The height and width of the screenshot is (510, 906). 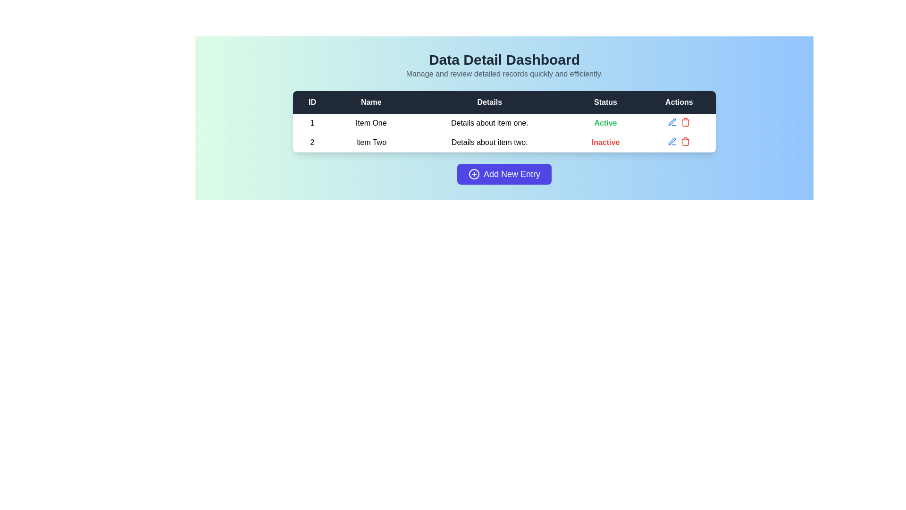 What do you see at coordinates (672, 141) in the screenshot?
I see `the edit icon button in the second row of the table for 'Item Two'` at bounding box center [672, 141].